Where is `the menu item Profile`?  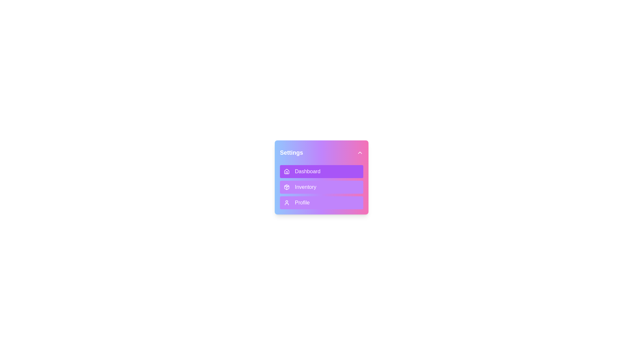
the menu item Profile is located at coordinates (322, 202).